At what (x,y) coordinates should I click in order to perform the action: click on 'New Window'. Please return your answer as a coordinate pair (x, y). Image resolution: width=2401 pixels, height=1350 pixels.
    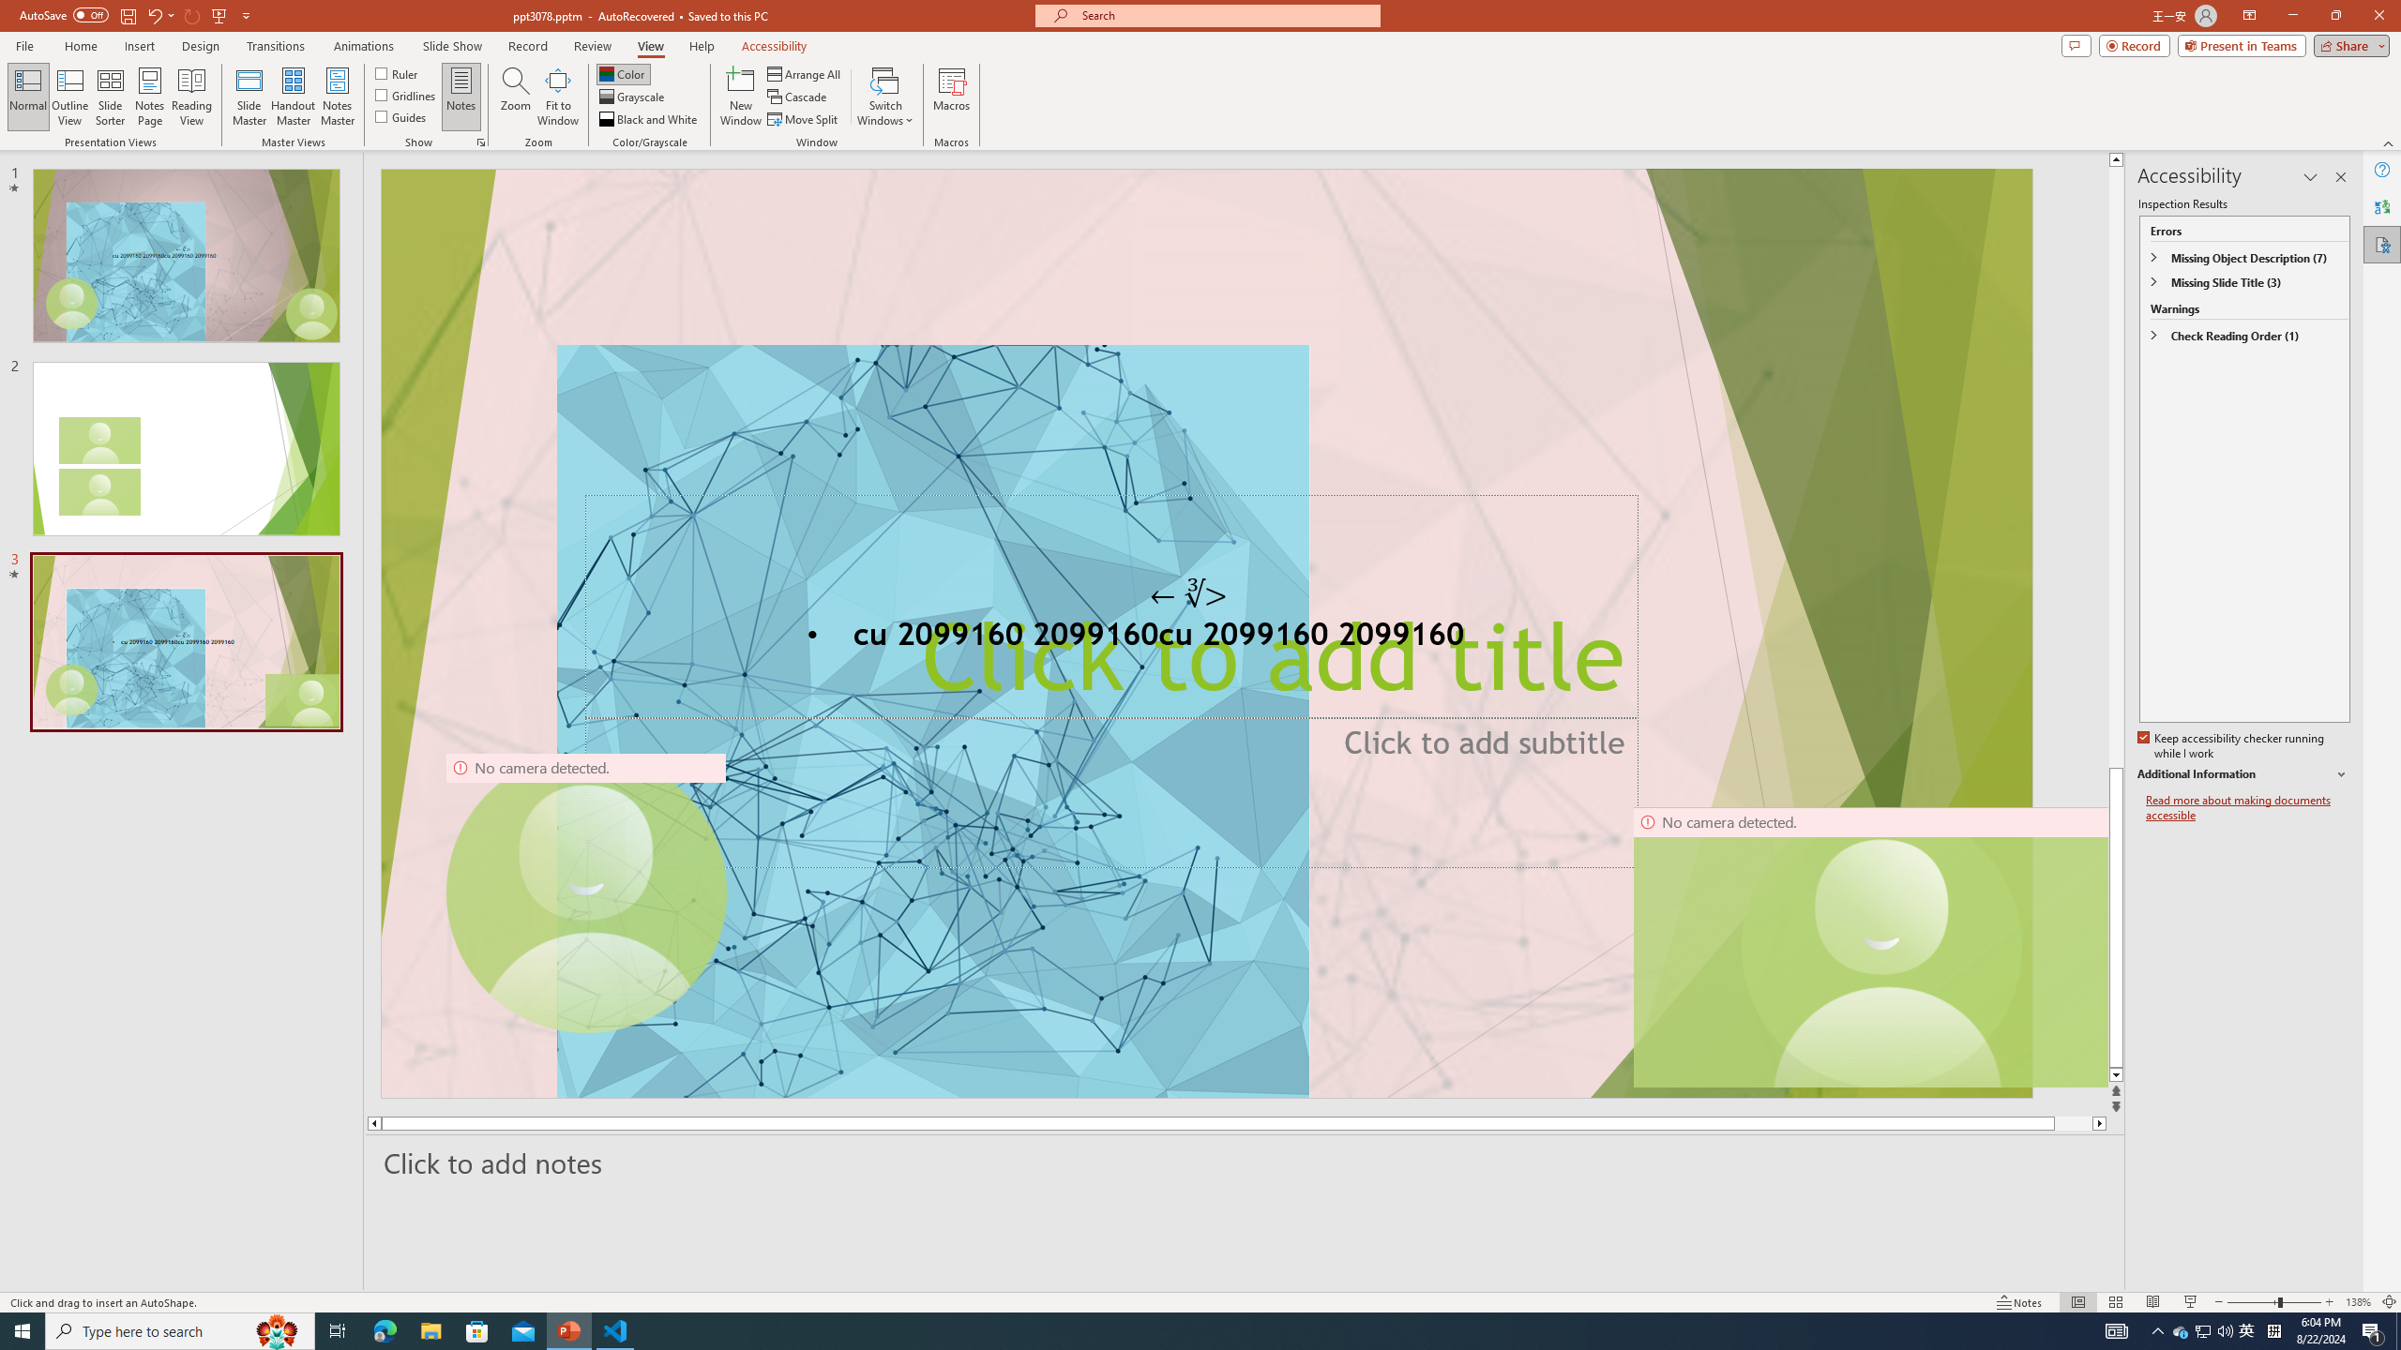
    Looking at the image, I should click on (739, 97).